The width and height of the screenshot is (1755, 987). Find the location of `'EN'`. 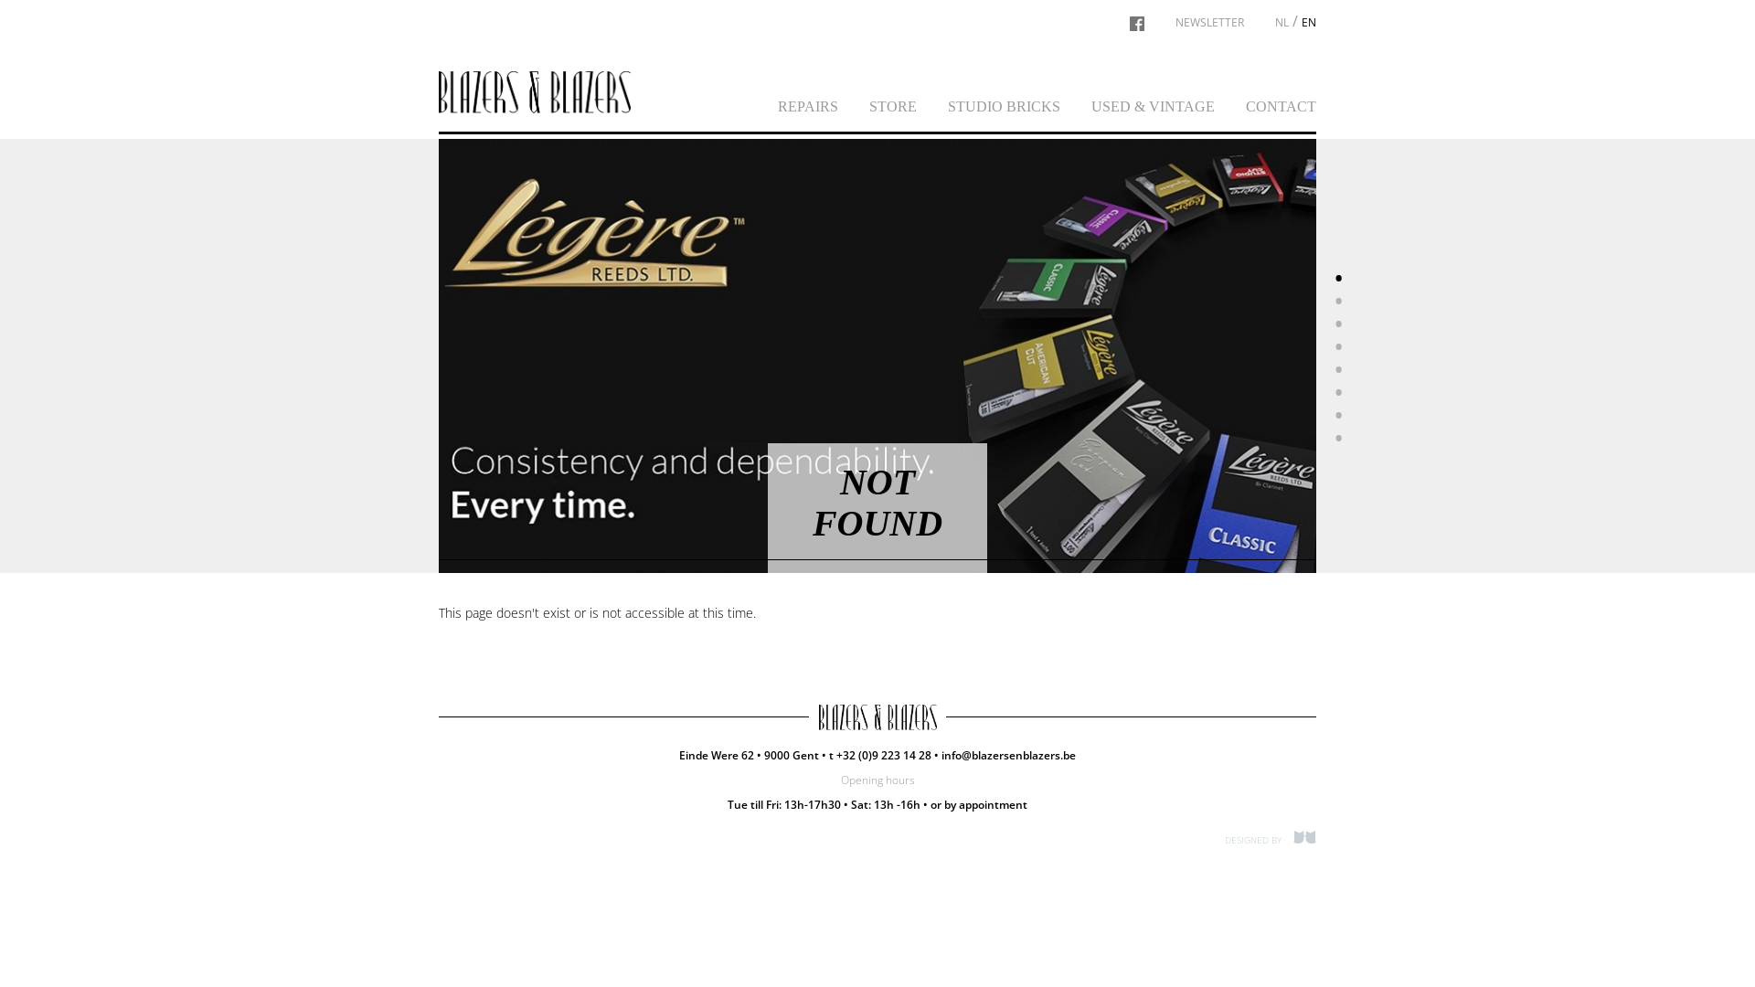

'EN' is located at coordinates (1307, 22).